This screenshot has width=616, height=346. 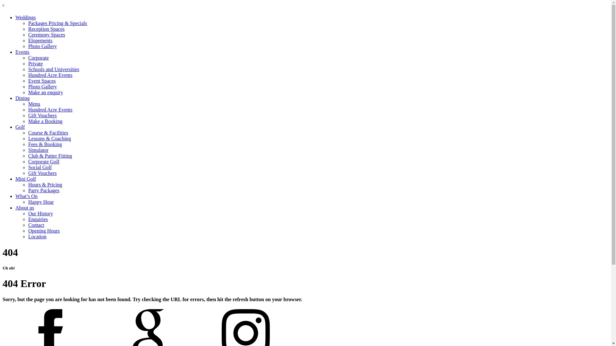 I want to click on 'Course & Facilities', so click(x=47, y=132).